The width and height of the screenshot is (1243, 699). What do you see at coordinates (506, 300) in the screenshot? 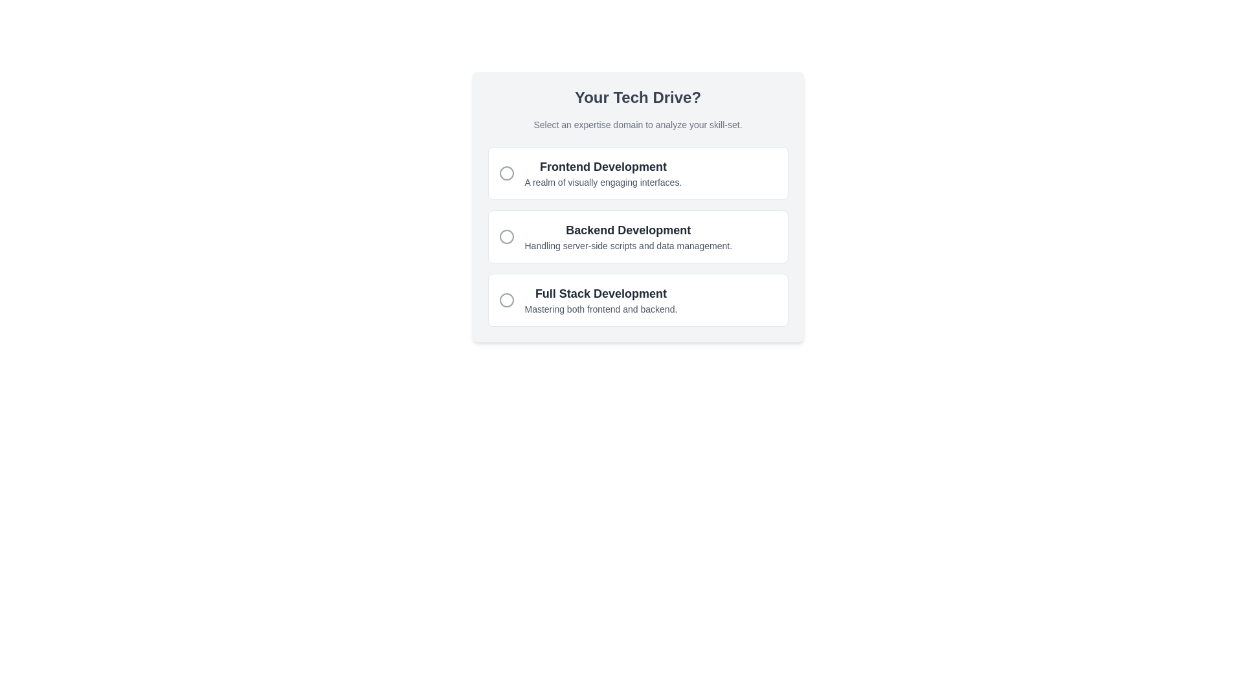
I see `the radio button placeholder for the 'Full Stack Development' option` at bounding box center [506, 300].